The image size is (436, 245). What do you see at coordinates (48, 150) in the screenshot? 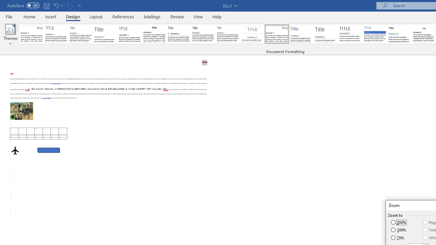
I see `'Rectangle: Diagonal Corners Snipped 2'` at bounding box center [48, 150].